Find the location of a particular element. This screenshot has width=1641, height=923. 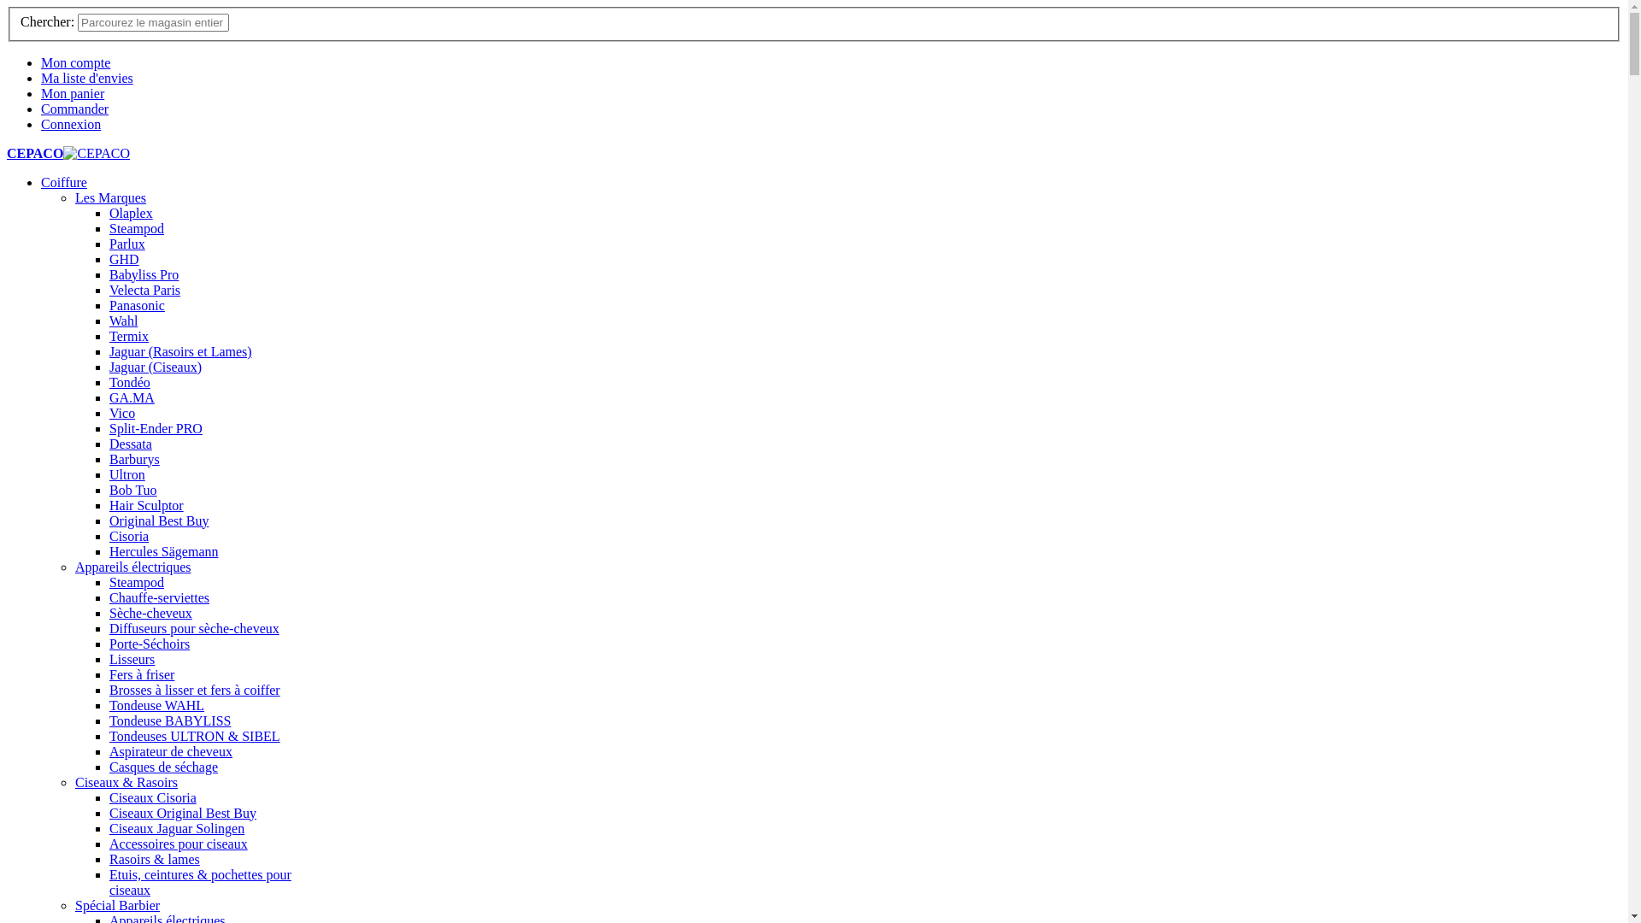

'Dessata' is located at coordinates (109, 443).